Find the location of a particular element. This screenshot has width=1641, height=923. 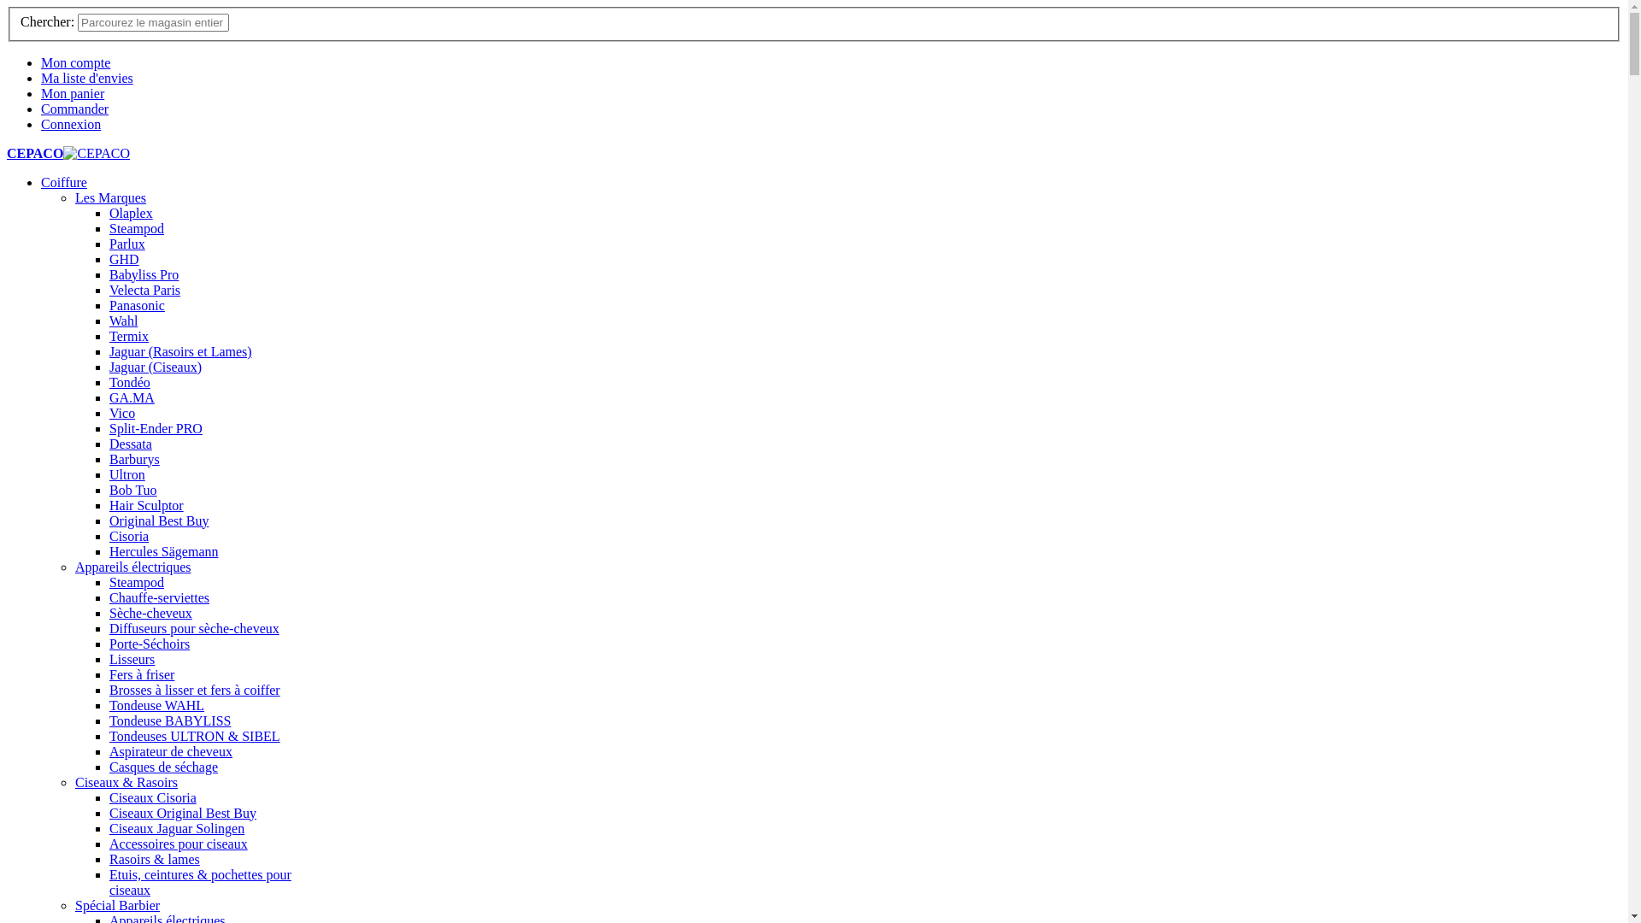

'Dessata' is located at coordinates (109, 443).